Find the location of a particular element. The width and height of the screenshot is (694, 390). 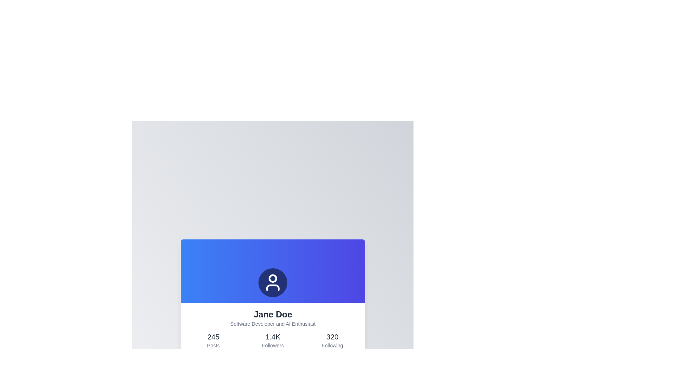

the Text and label combination that displays the number '245' and the label 'Posts', which is located in the leftmost column below the profile name and avatar section is located at coordinates (213, 340).